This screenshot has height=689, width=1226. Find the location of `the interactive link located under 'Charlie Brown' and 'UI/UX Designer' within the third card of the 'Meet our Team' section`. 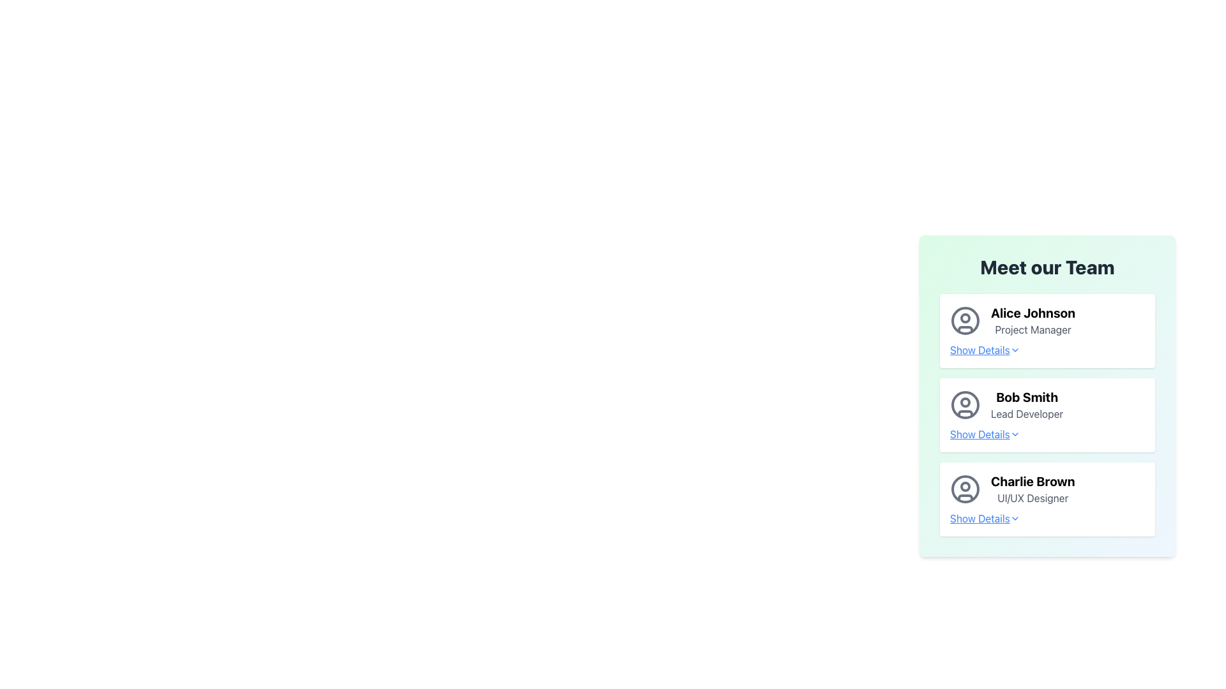

the interactive link located under 'Charlie Brown' and 'UI/UX Designer' within the third card of the 'Meet our Team' section is located at coordinates (1047, 519).